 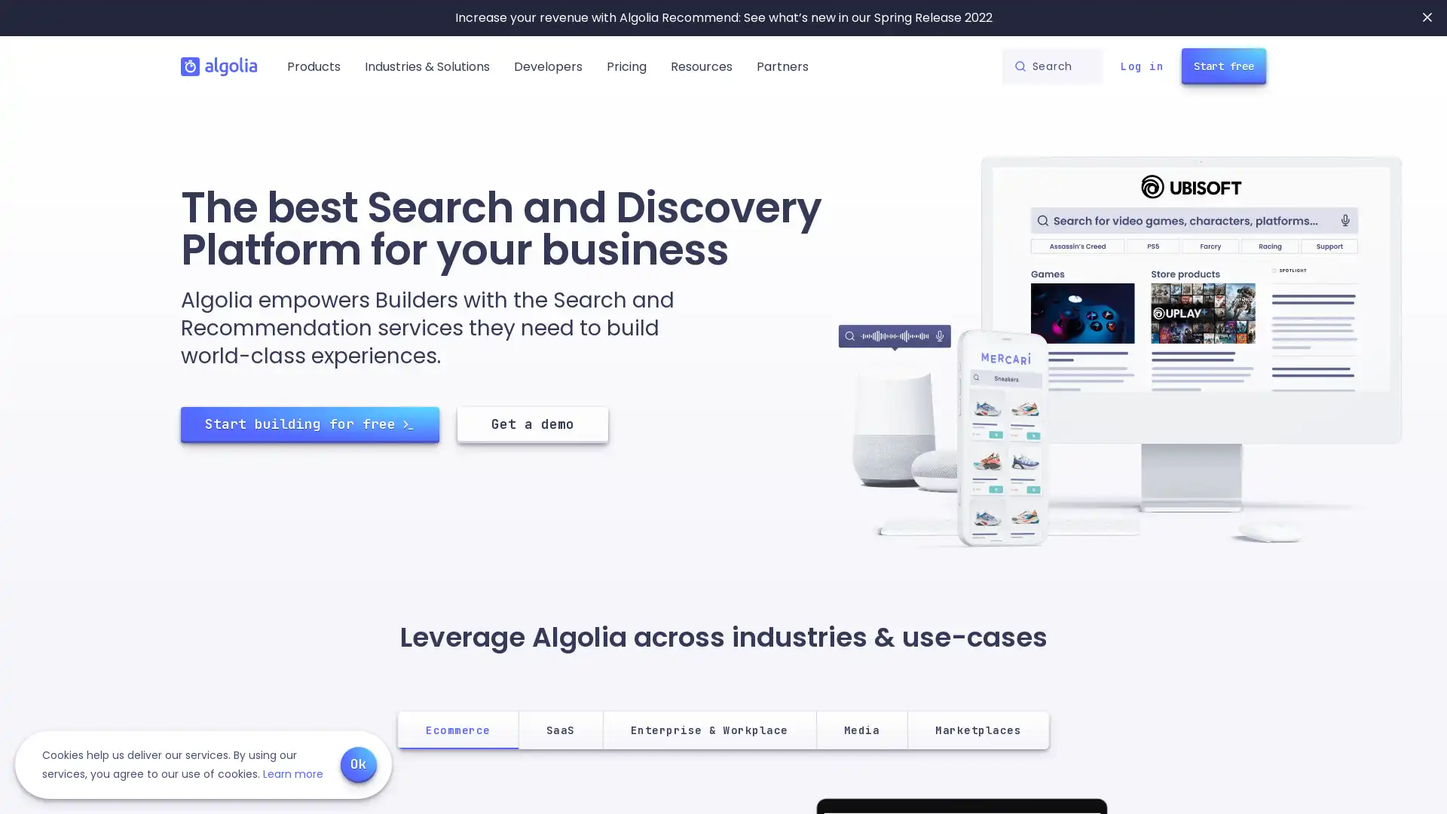 What do you see at coordinates (861, 729) in the screenshot?
I see `Media` at bounding box center [861, 729].